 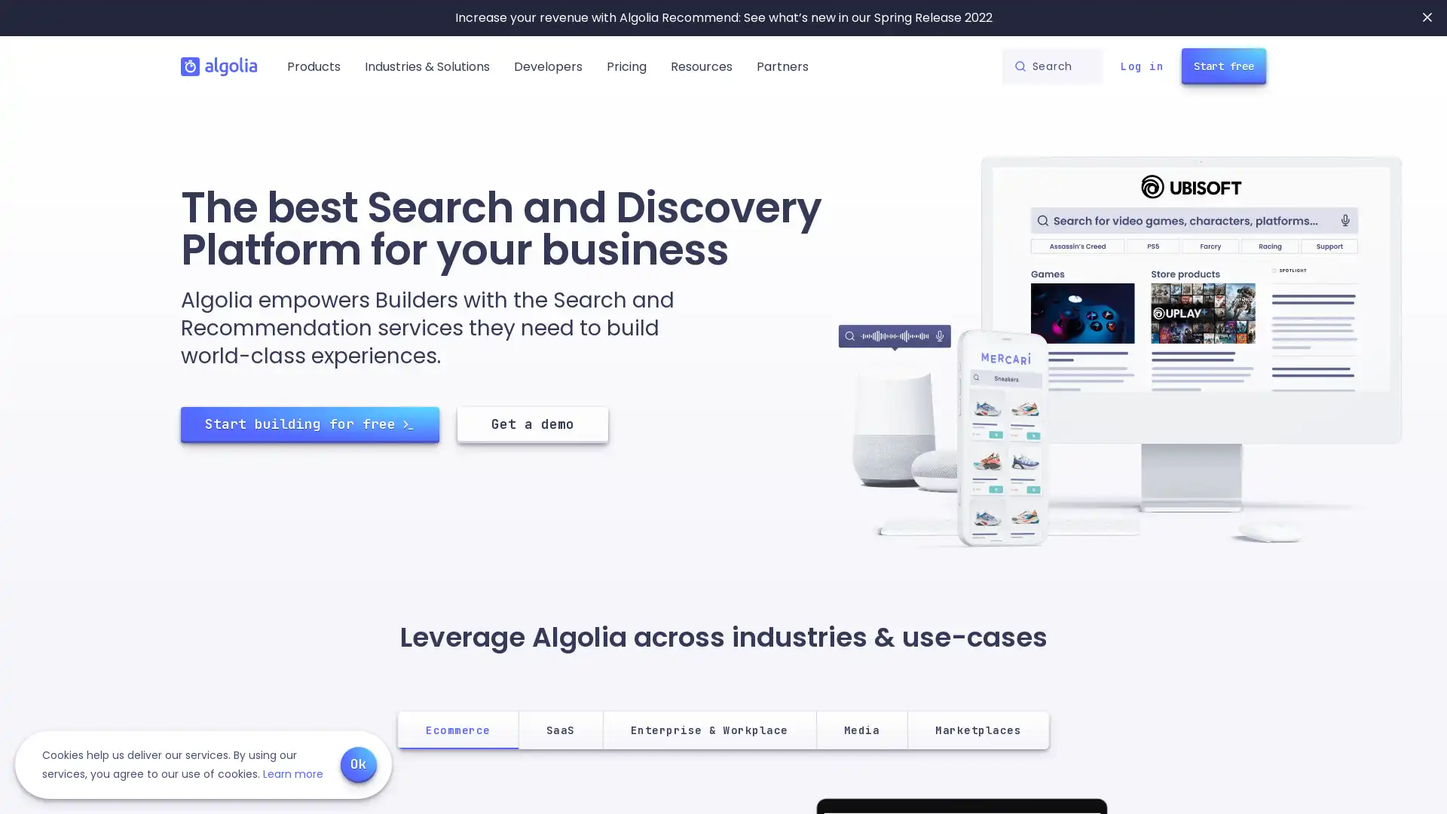 What do you see at coordinates (861, 729) in the screenshot?
I see `Media` at bounding box center [861, 729].